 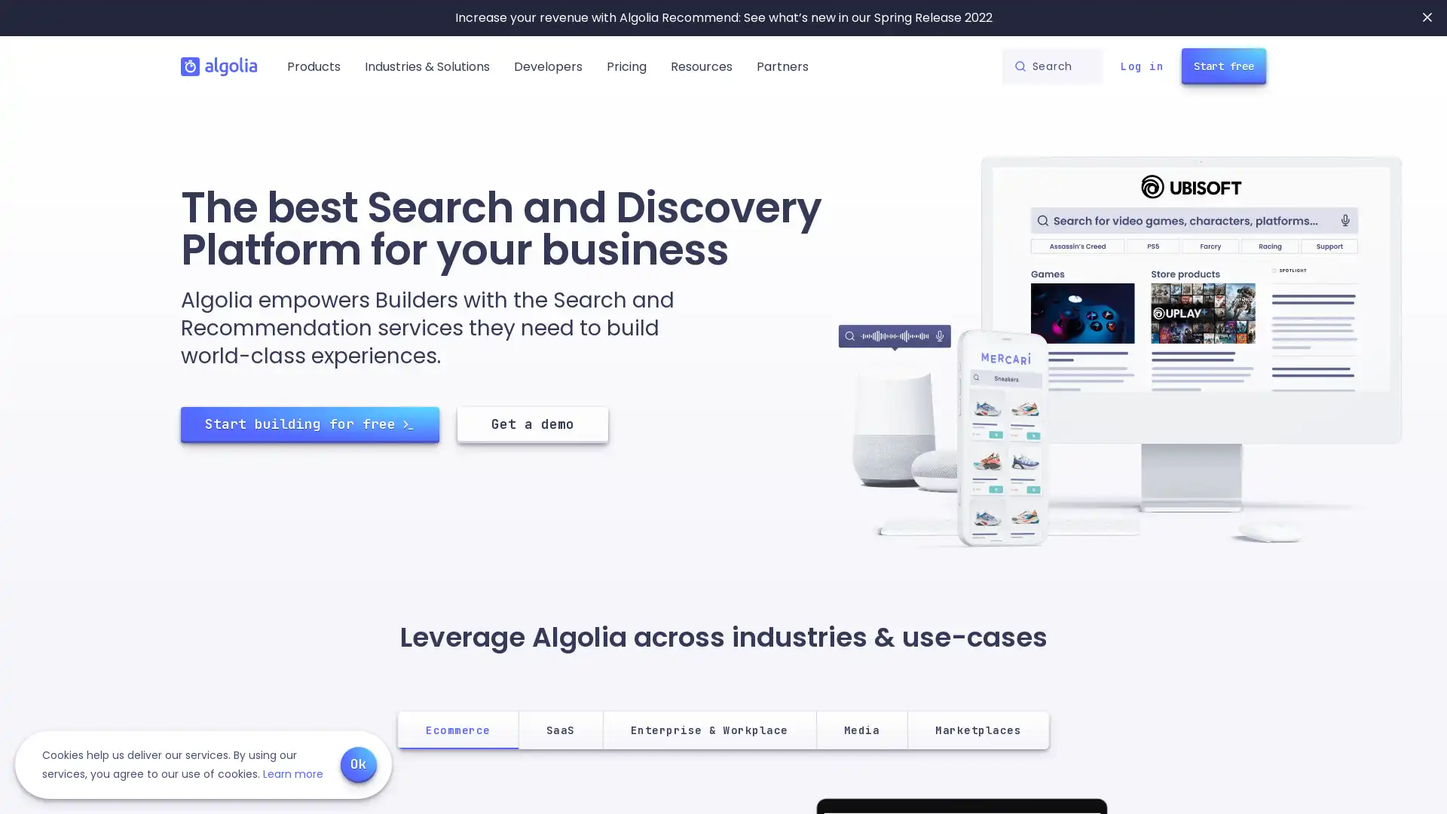 What do you see at coordinates (861, 729) in the screenshot?
I see `Media` at bounding box center [861, 729].